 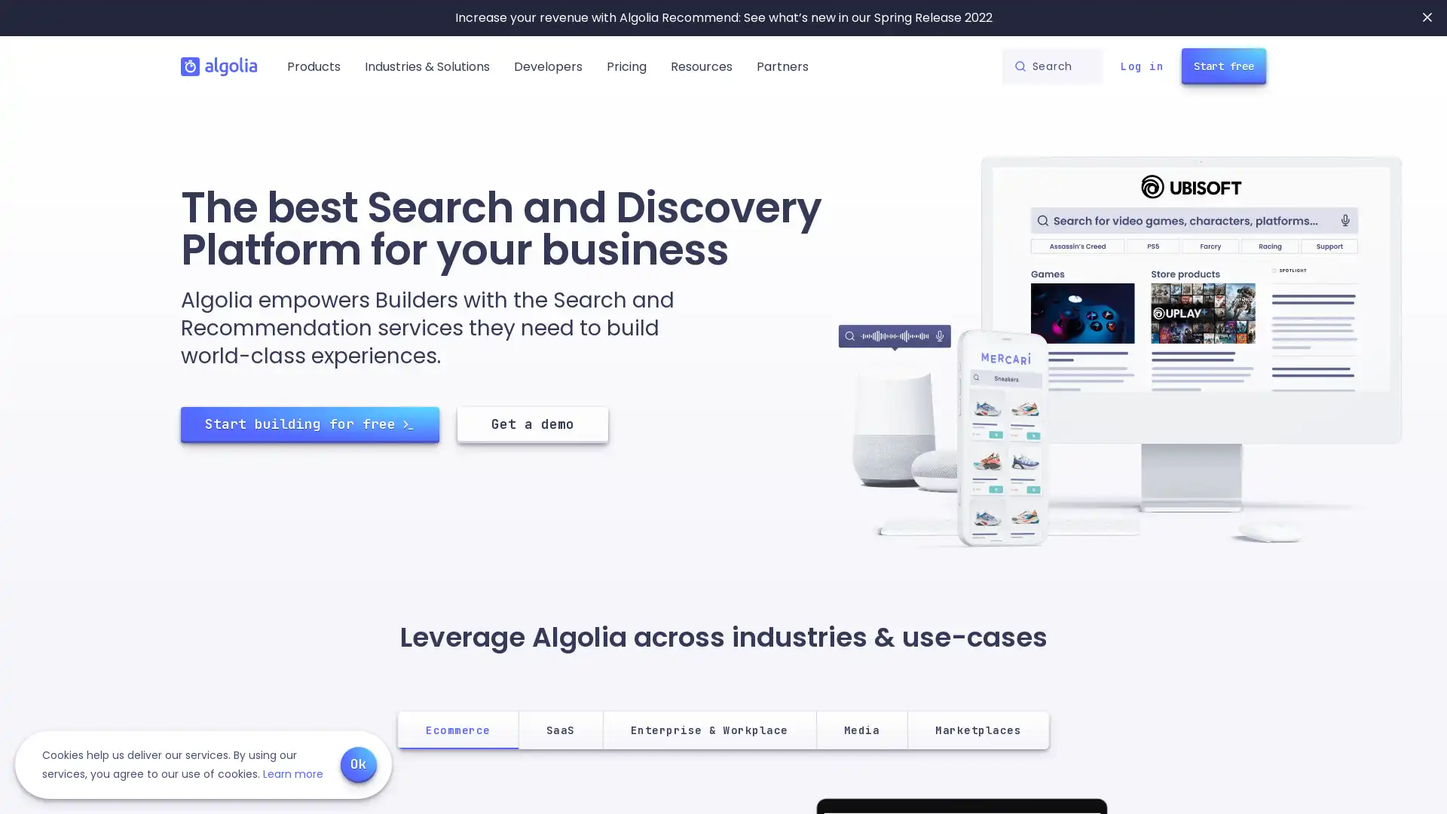 What do you see at coordinates (861, 729) in the screenshot?
I see `Media` at bounding box center [861, 729].